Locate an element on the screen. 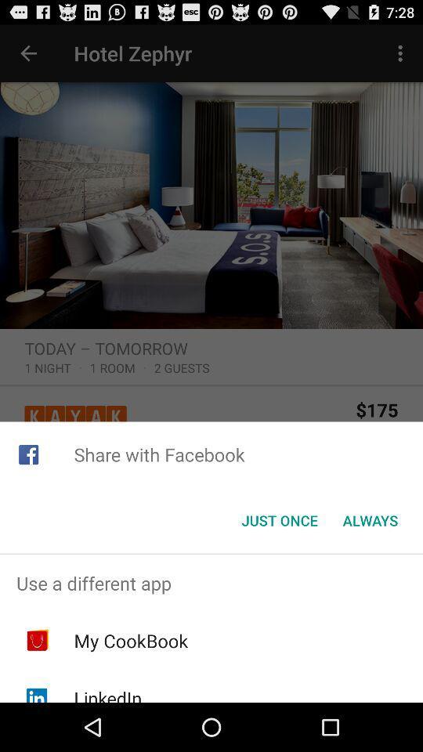 The width and height of the screenshot is (423, 752). the my cookbook is located at coordinates (130, 641).